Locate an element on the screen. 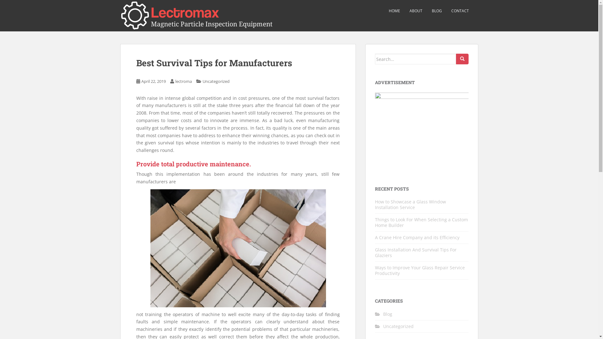 The image size is (603, 339). 'CONTACT' is located at coordinates (460, 11).